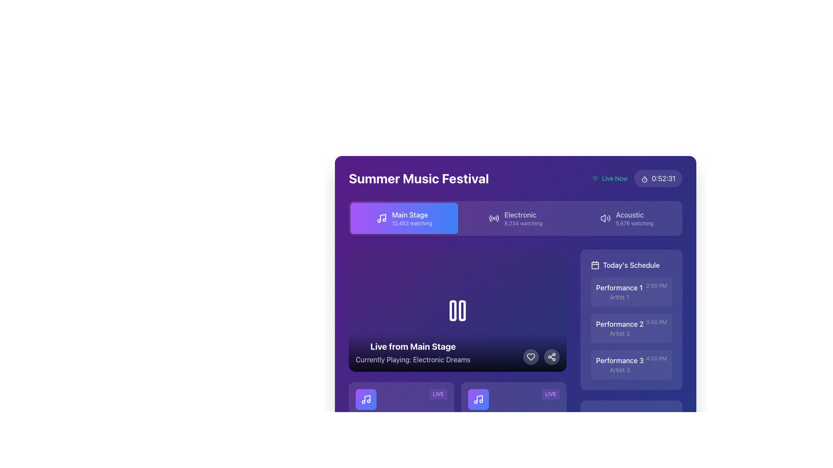 Image resolution: width=833 pixels, height=468 pixels. What do you see at coordinates (551, 357) in the screenshot?
I see `the circular share button with a white background located in the bottom-right corner of the 'Live from Main Stage' section` at bounding box center [551, 357].